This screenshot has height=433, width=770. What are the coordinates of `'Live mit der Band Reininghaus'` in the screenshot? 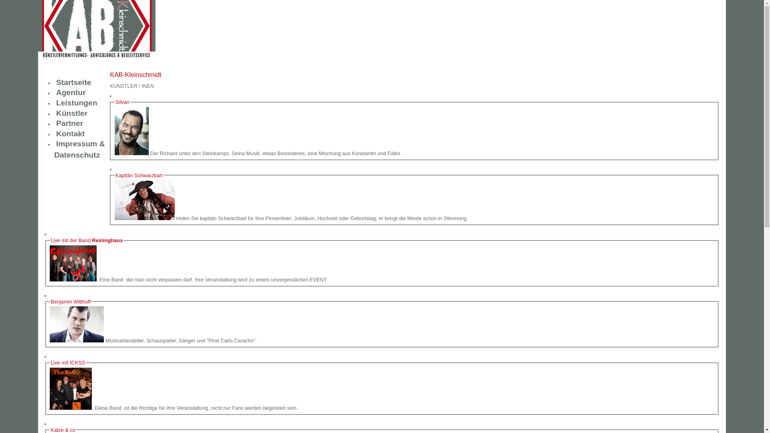 It's located at (87, 240).